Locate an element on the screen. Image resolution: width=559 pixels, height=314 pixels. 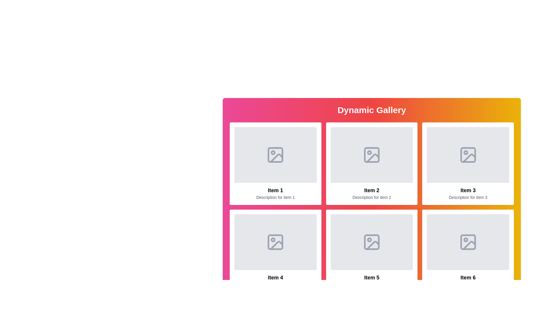
the Decorative SVG circle element located within the first item of the gallery grid layout to visually highlight its status indicator is located at coordinates (273, 152).